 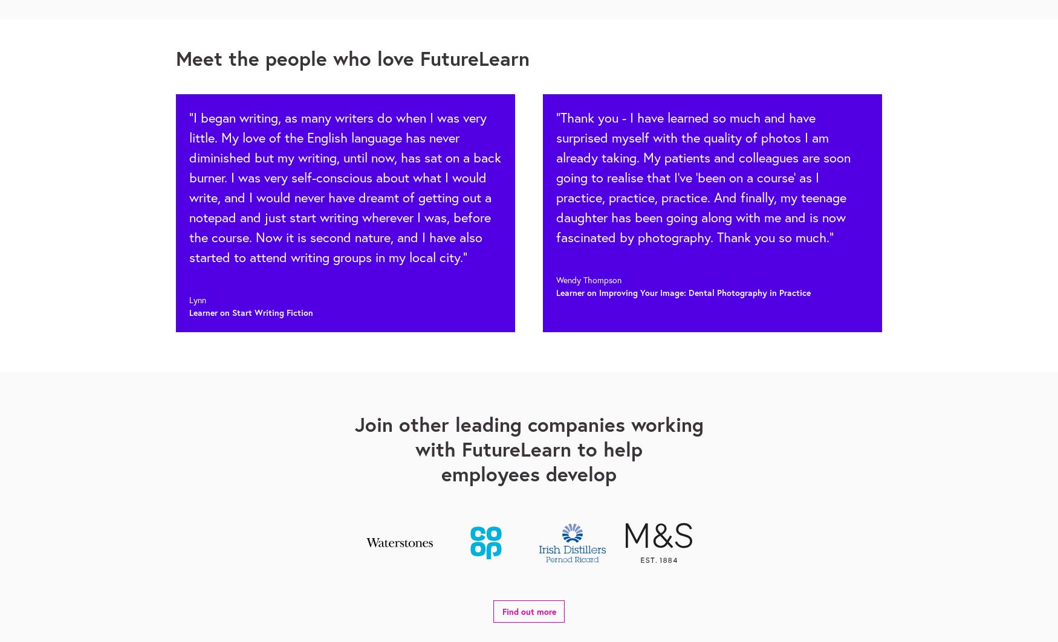 What do you see at coordinates (352, 58) in the screenshot?
I see `'Meet the people who love FutureLearn'` at bounding box center [352, 58].